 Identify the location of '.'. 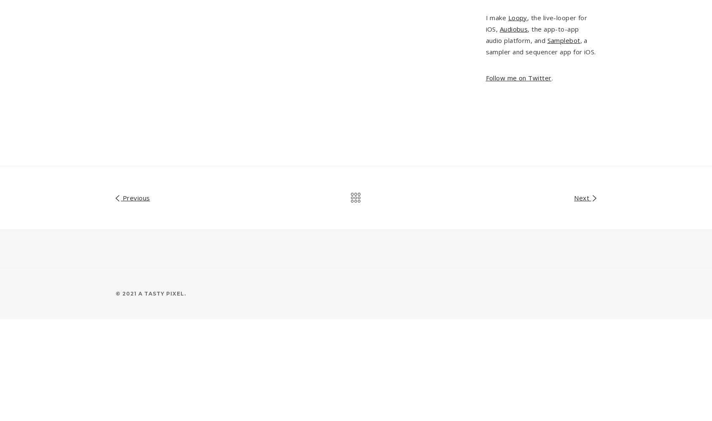
(551, 77).